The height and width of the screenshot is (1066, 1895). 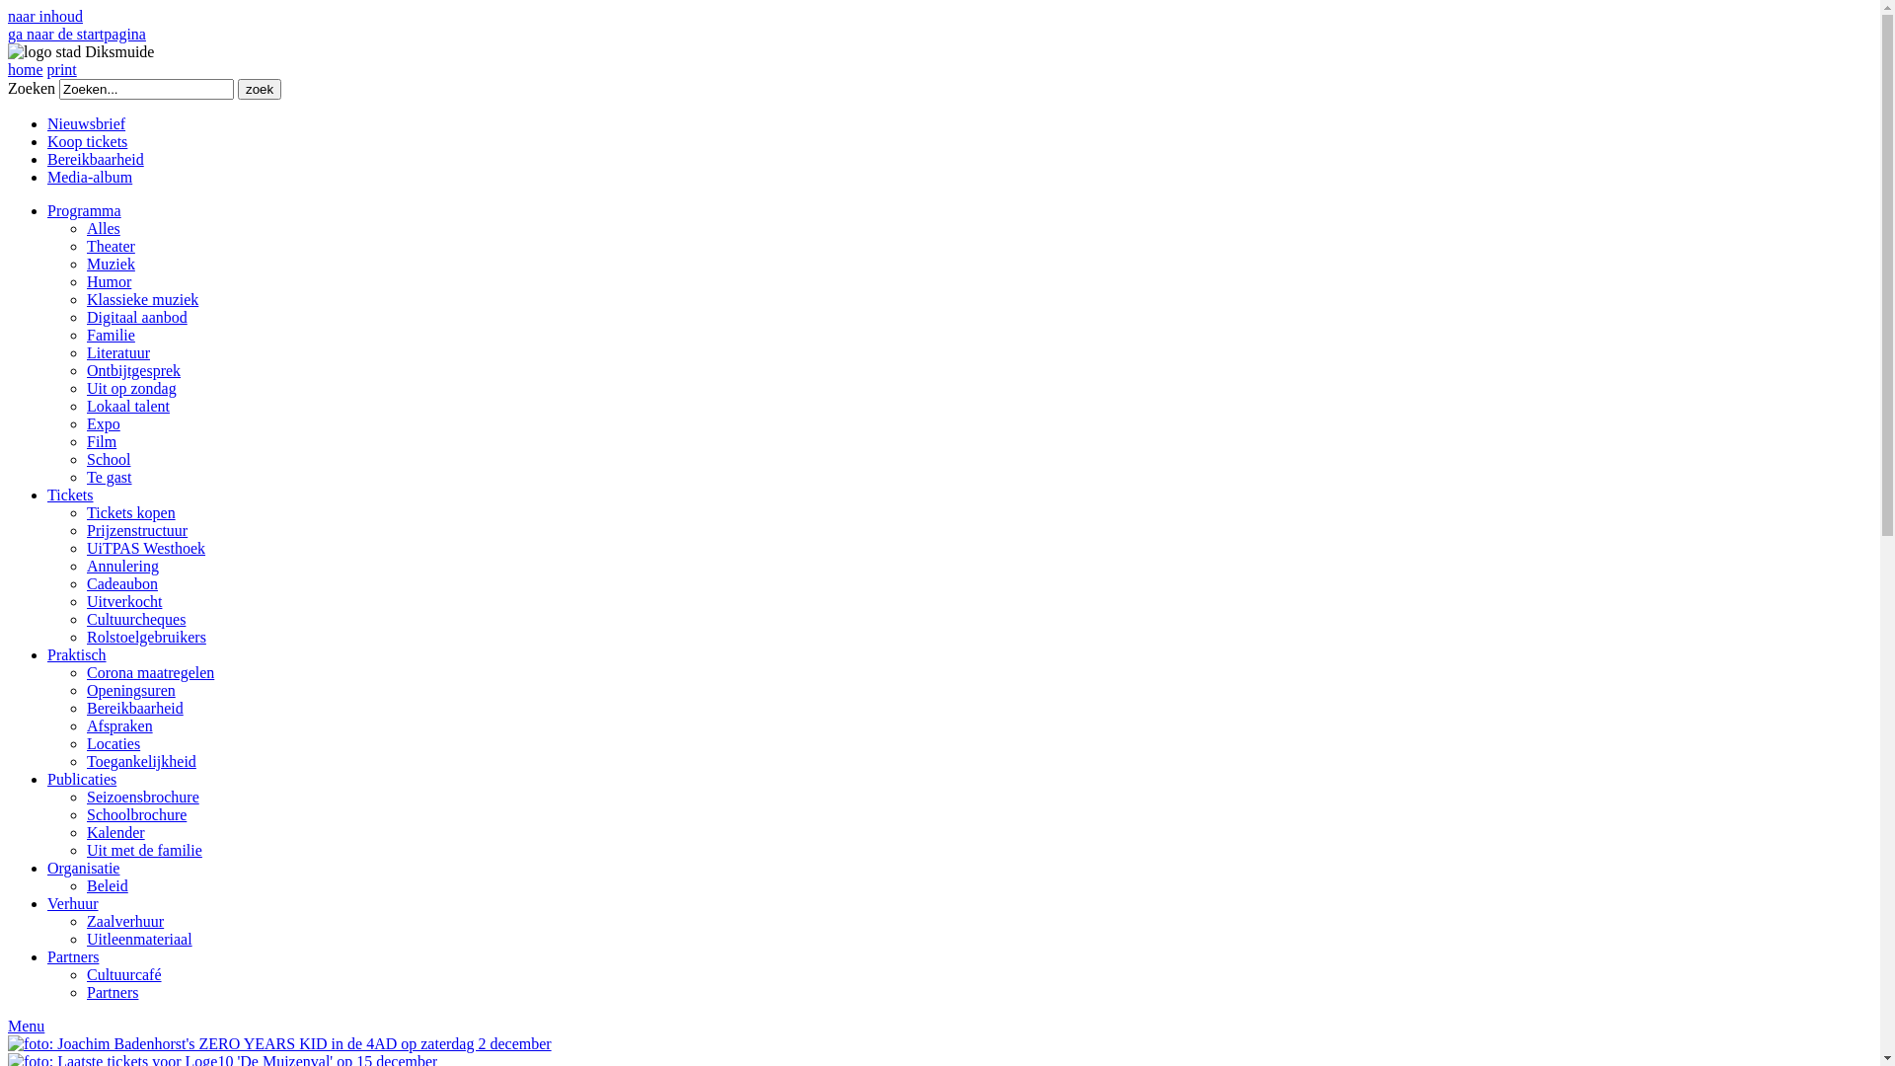 What do you see at coordinates (136, 529) in the screenshot?
I see `'Prijzenstructuur'` at bounding box center [136, 529].